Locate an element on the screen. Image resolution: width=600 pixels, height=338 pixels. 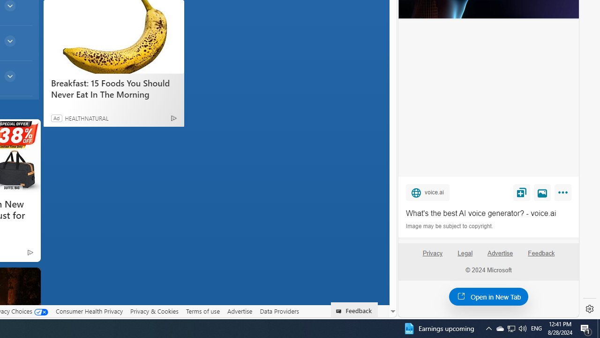
'Breakfast: 15 Foods You Should Never Eat In The Morning' is located at coordinates (113, 36).